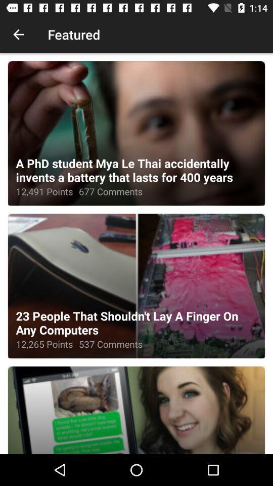 The height and width of the screenshot is (486, 273). Describe the element at coordinates (18, 34) in the screenshot. I see `the arrow_backward icon` at that location.